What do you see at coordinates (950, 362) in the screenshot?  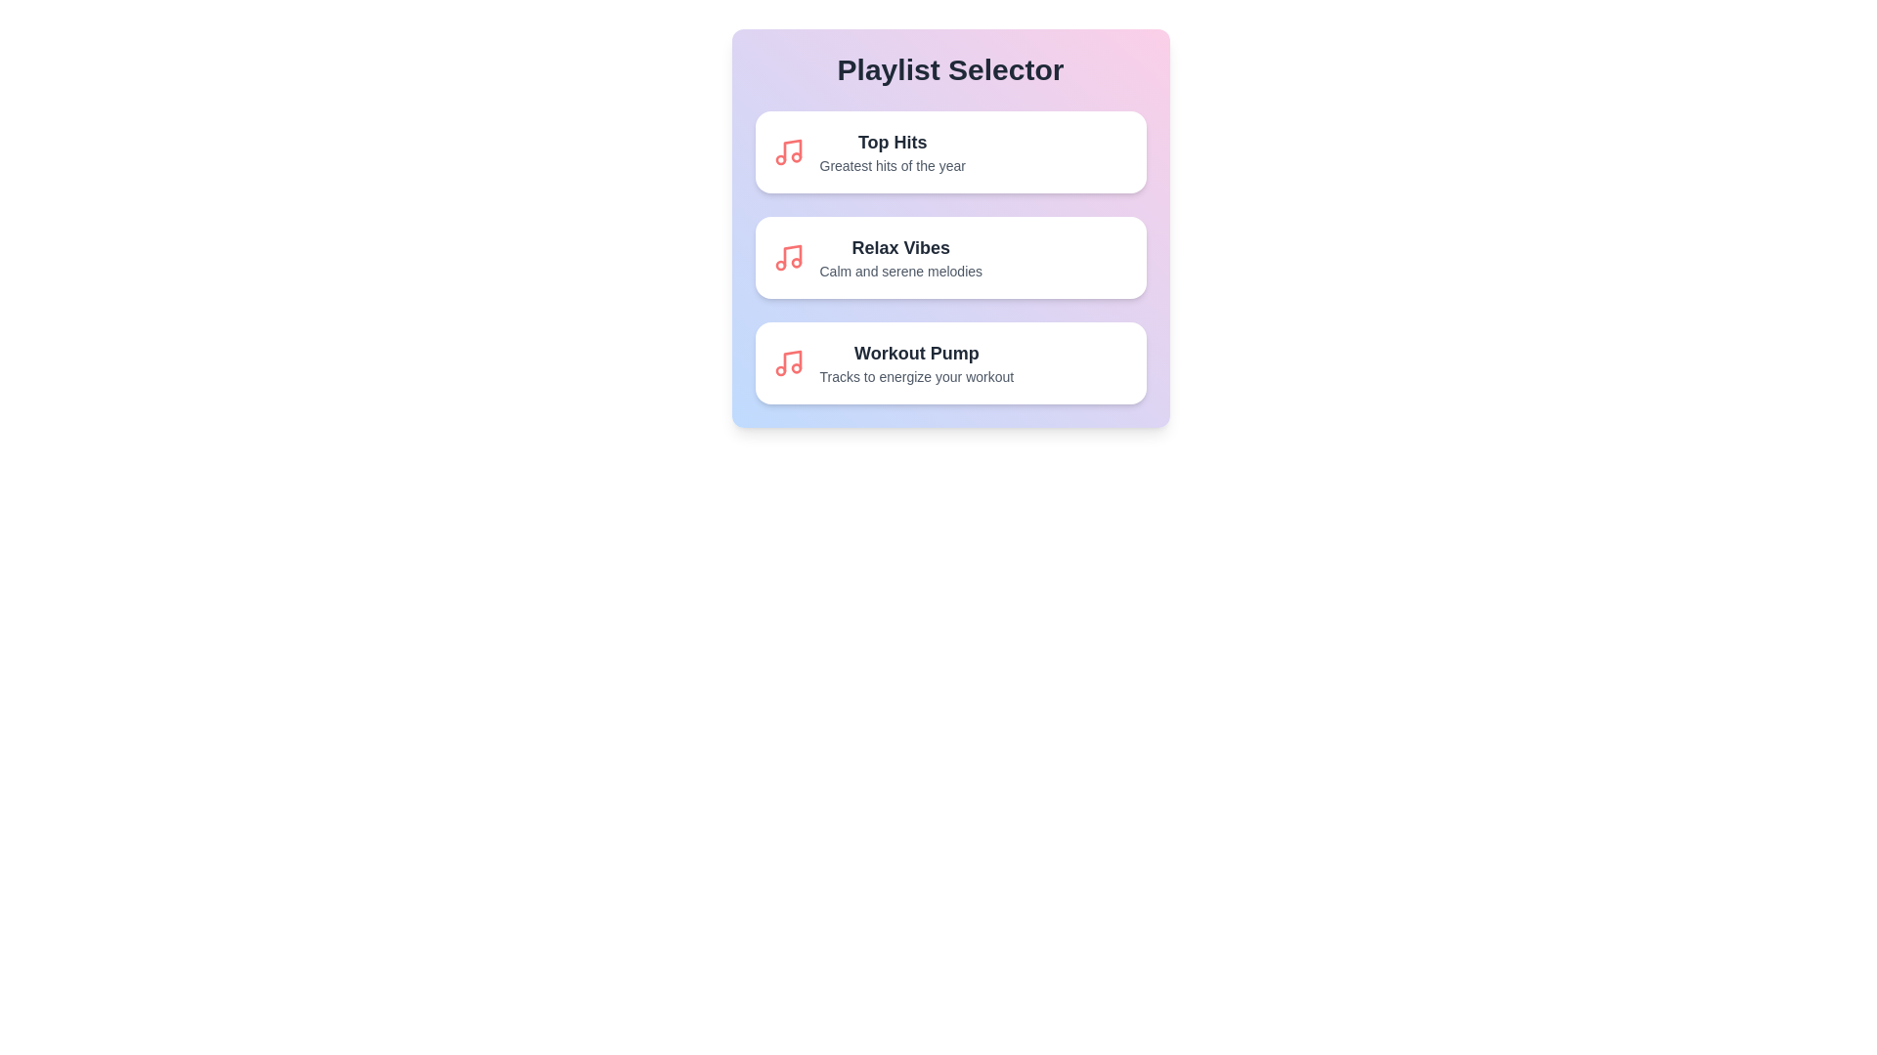 I see `the playlist Workout Pump by clicking on its list item` at bounding box center [950, 362].